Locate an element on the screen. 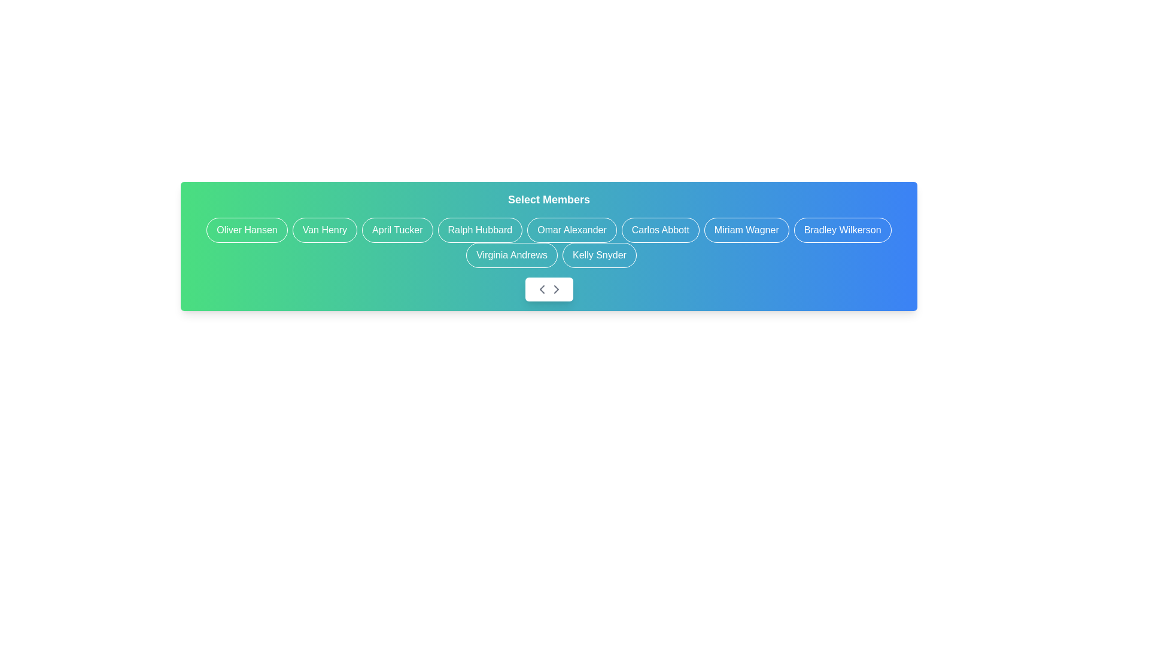 This screenshot has width=1149, height=646. the button representing the user 'Bradley Wilkerson' is located at coordinates (842, 230).